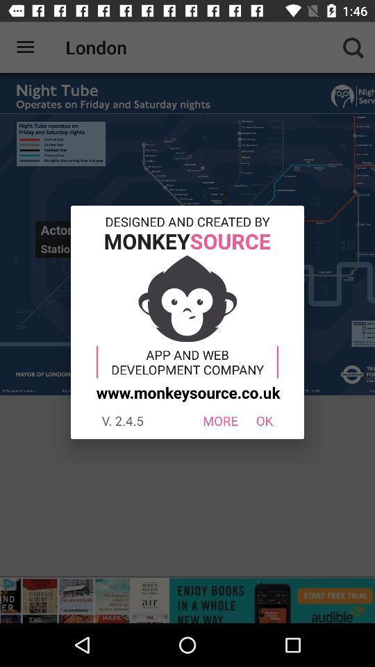 The width and height of the screenshot is (375, 667). Describe the element at coordinates (265, 420) in the screenshot. I see `item next to the more icon` at that location.